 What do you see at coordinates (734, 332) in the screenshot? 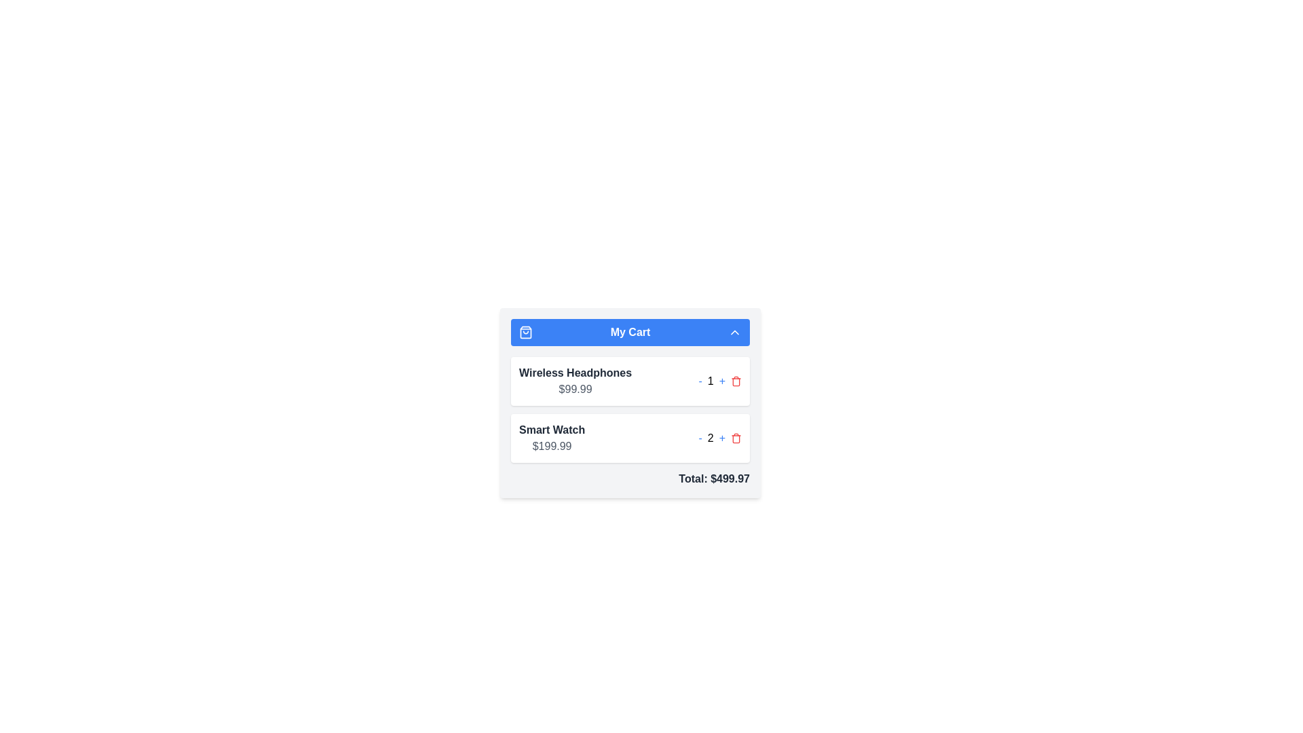
I see `the upward chevron icon button located on the far right side of the blue header bar in the 'My Cart' section` at bounding box center [734, 332].